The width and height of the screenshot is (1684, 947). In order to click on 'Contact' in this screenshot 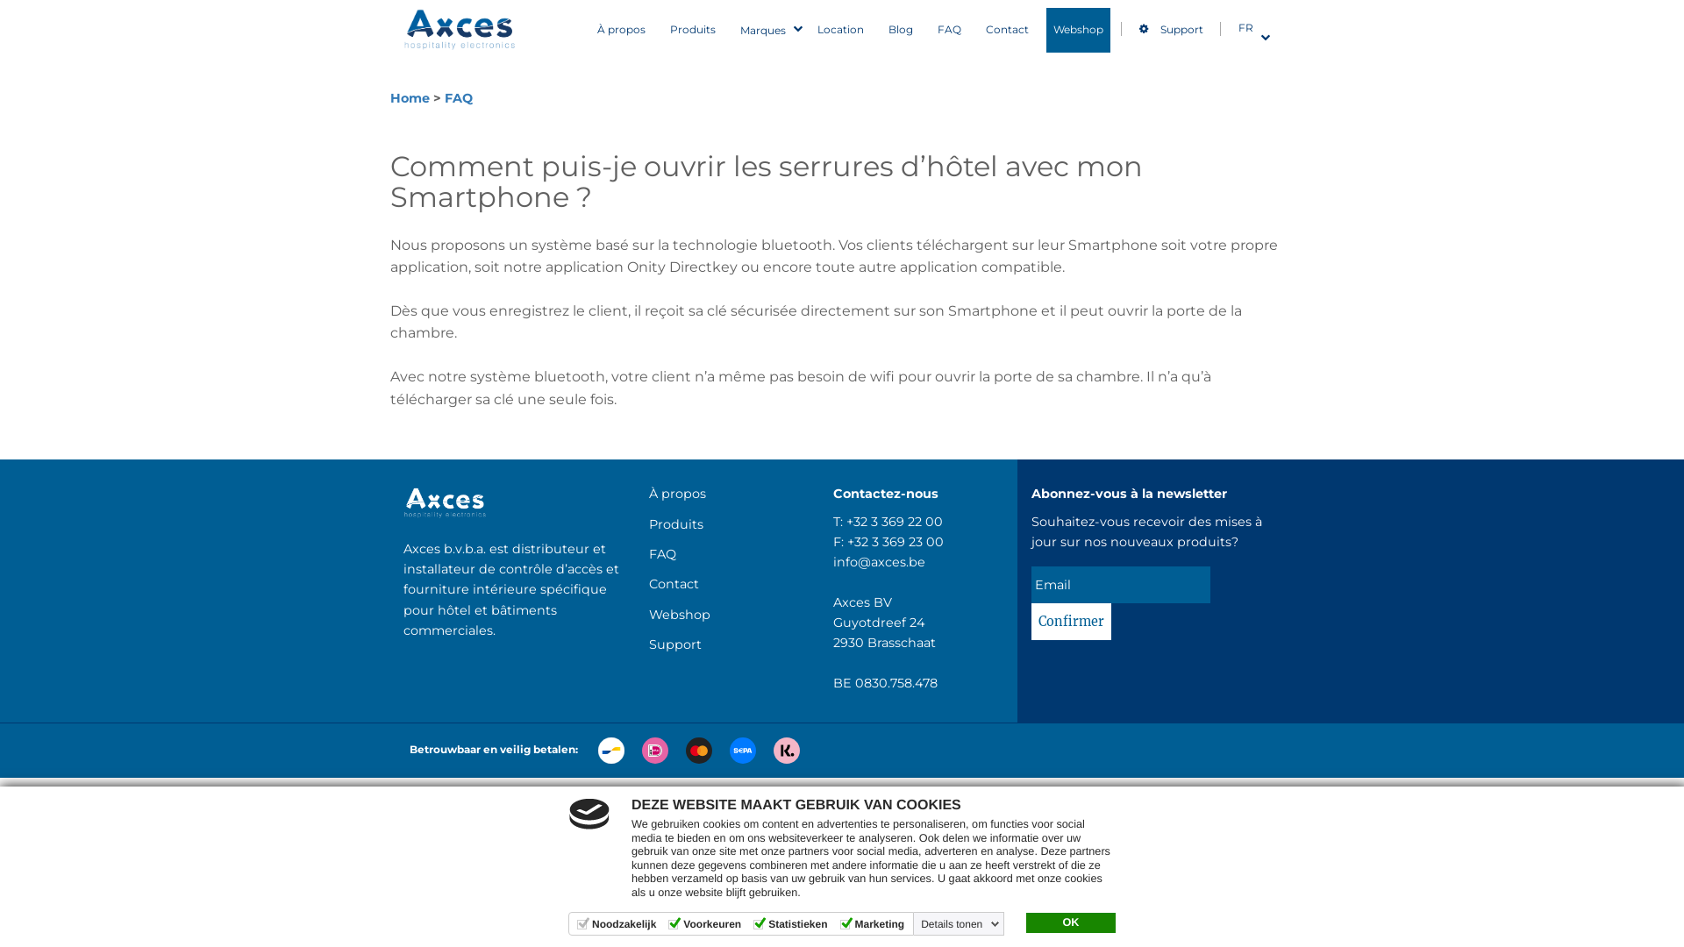, I will do `click(1007, 30)`.